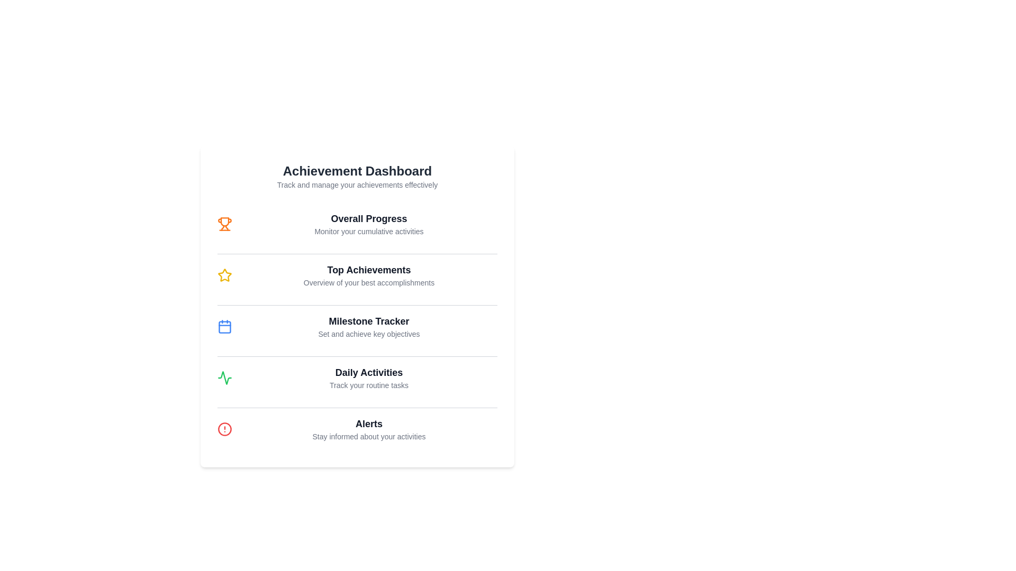  What do you see at coordinates (357, 176) in the screenshot?
I see `header text display located at the top of the interface, which provides an overview of the page's purpose and theme` at bounding box center [357, 176].